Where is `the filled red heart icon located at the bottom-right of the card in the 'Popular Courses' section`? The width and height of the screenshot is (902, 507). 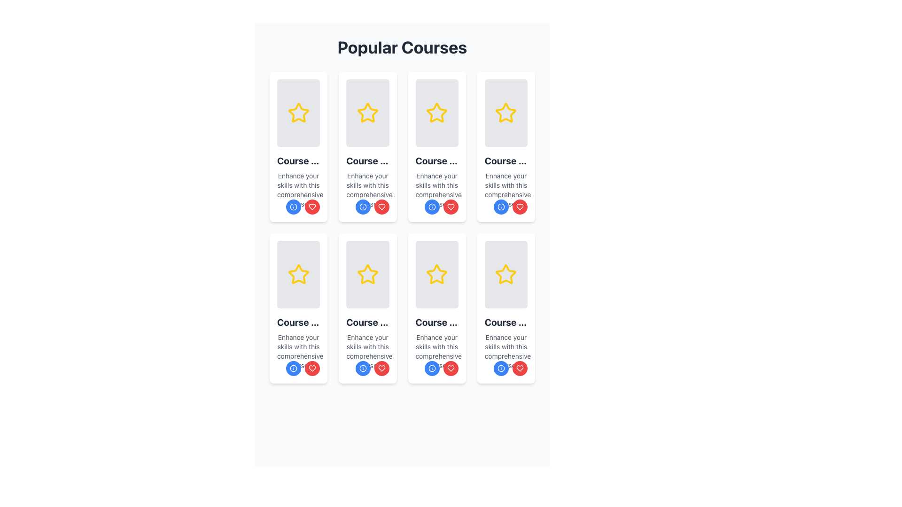
the filled red heart icon located at the bottom-right of the card in the 'Popular Courses' section is located at coordinates (312, 368).